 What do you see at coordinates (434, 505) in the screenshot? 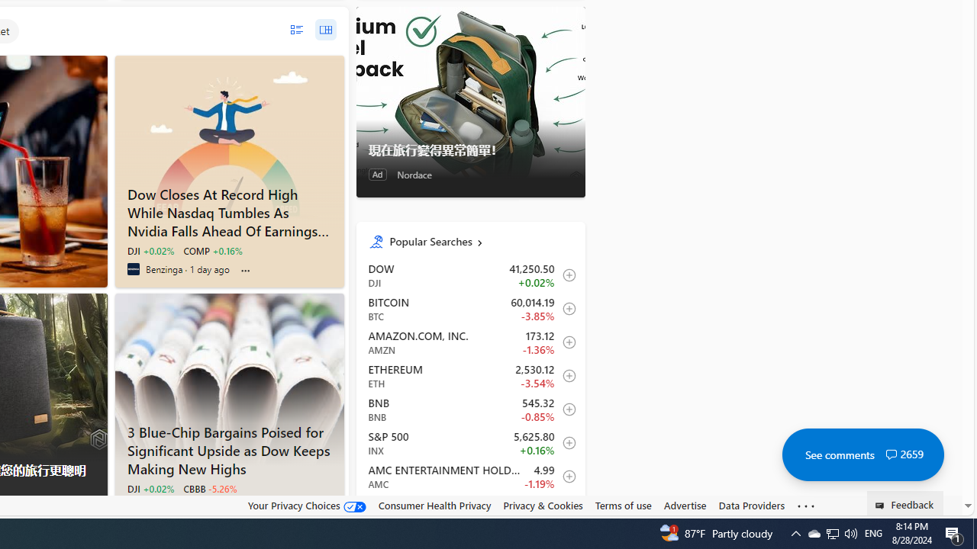
I see `'Consumer Health Privacy'` at bounding box center [434, 505].